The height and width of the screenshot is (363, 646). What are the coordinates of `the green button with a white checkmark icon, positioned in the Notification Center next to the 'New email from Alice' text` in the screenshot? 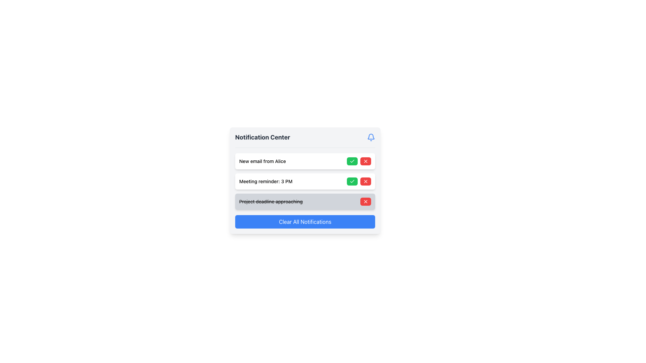 It's located at (352, 161).